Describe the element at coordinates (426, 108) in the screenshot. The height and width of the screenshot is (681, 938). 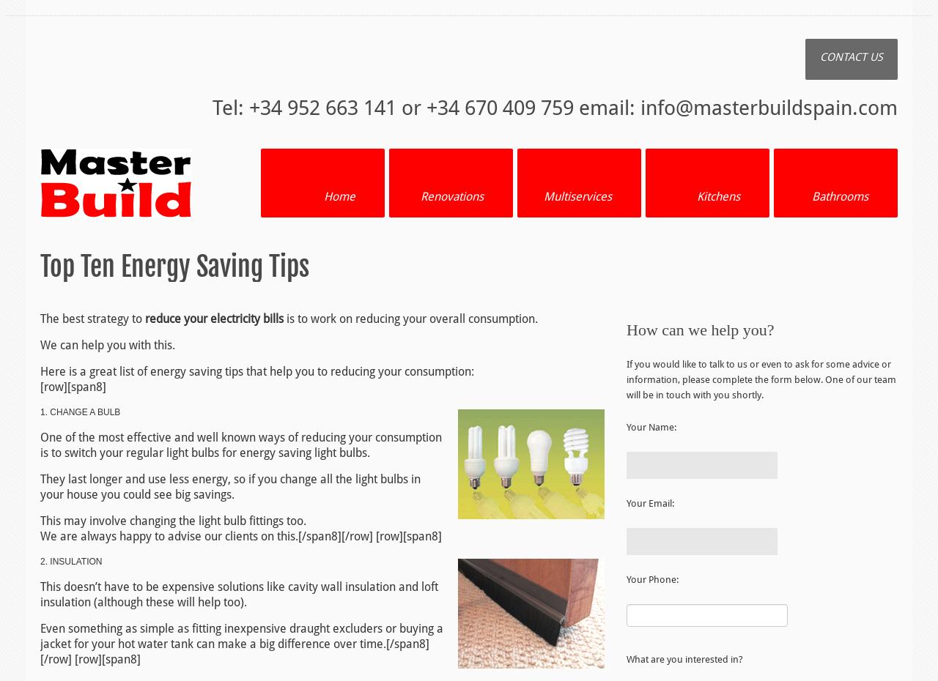
I see `'Tel: +34 952 663 141 or +34 670 409 759 email:'` at that location.